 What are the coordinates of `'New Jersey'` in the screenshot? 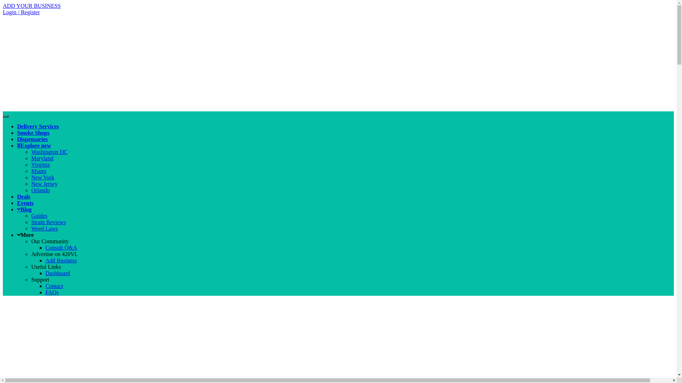 It's located at (44, 183).